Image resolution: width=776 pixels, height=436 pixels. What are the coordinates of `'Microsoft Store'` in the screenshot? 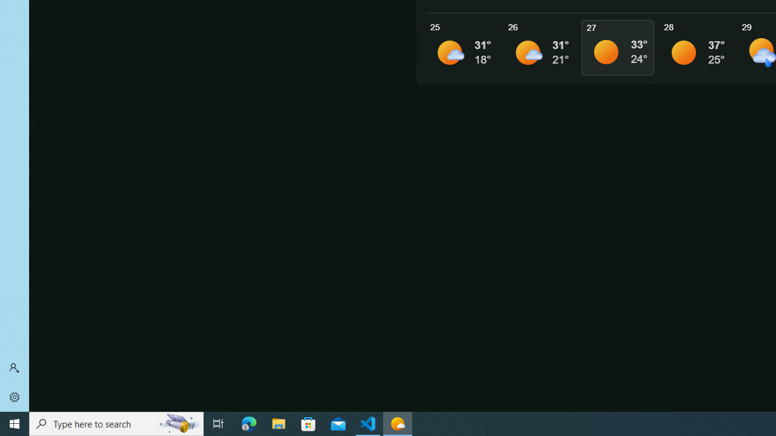 It's located at (309, 423).